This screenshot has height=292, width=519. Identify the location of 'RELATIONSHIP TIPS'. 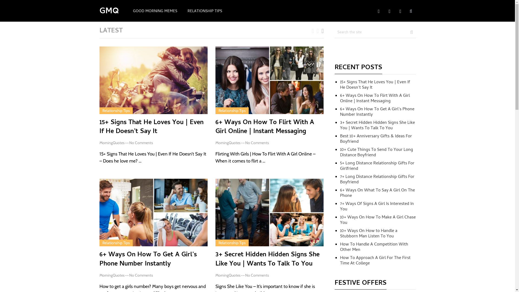
(204, 11).